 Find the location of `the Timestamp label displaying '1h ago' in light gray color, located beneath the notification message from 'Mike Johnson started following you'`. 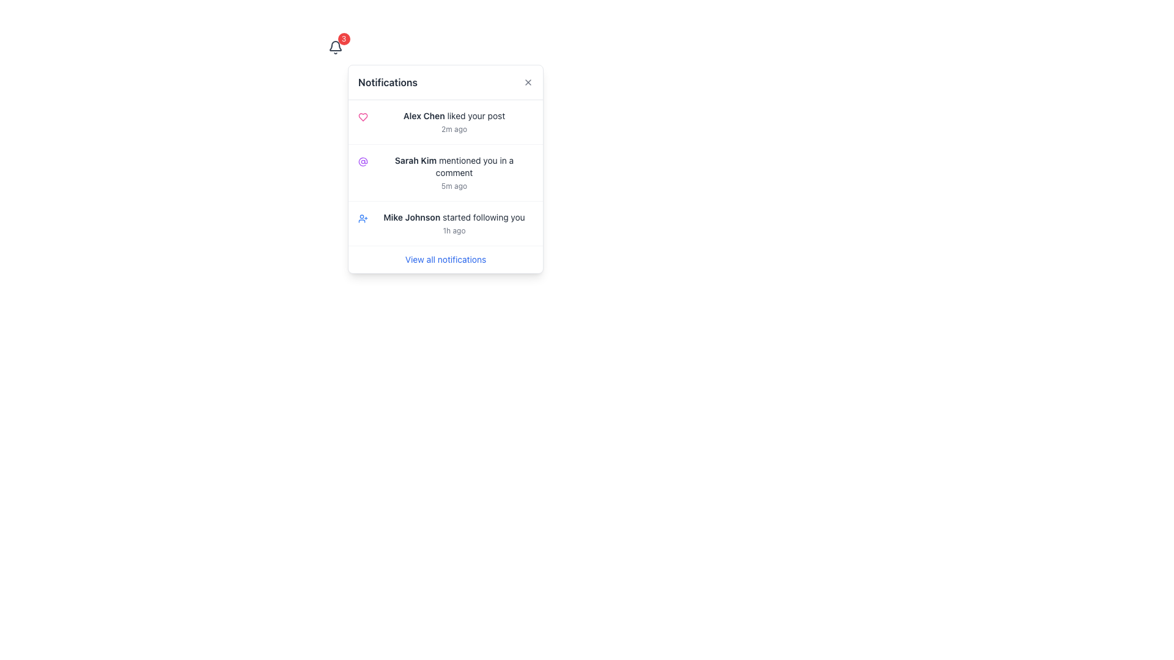

the Timestamp label displaying '1h ago' in light gray color, located beneath the notification message from 'Mike Johnson started following you' is located at coordinates (454, 231).